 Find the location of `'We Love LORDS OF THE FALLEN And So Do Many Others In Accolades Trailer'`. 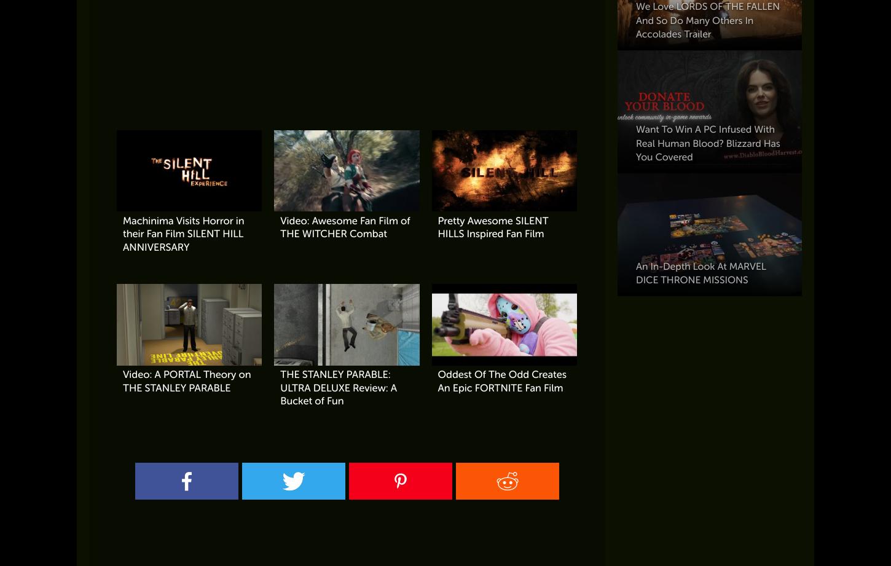

'We Love LORDS OF THE FALLEN And So Do Many Others In Accolades Trailer' is located at coordinates (707, 20).